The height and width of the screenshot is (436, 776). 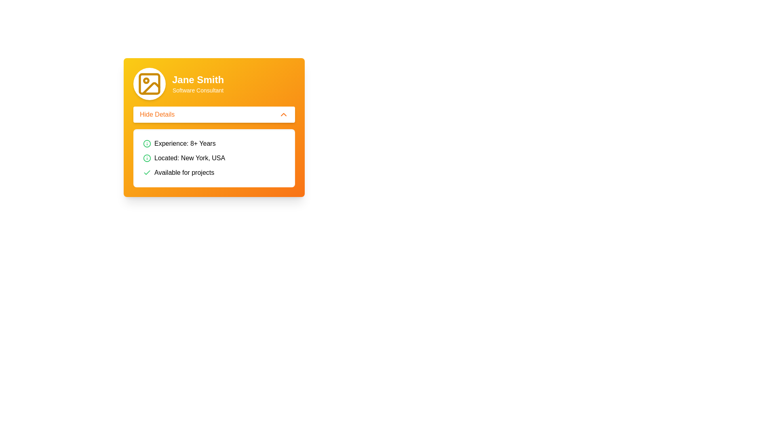 What do you see at coordinates (149, 84) in the screenshot?
I see `the Profile Picture Placeholder located at the top-left corner of the user detail card, adjacent to 'Jane Smith' and 'Software Consultant'` at bounding box center [149, 84].